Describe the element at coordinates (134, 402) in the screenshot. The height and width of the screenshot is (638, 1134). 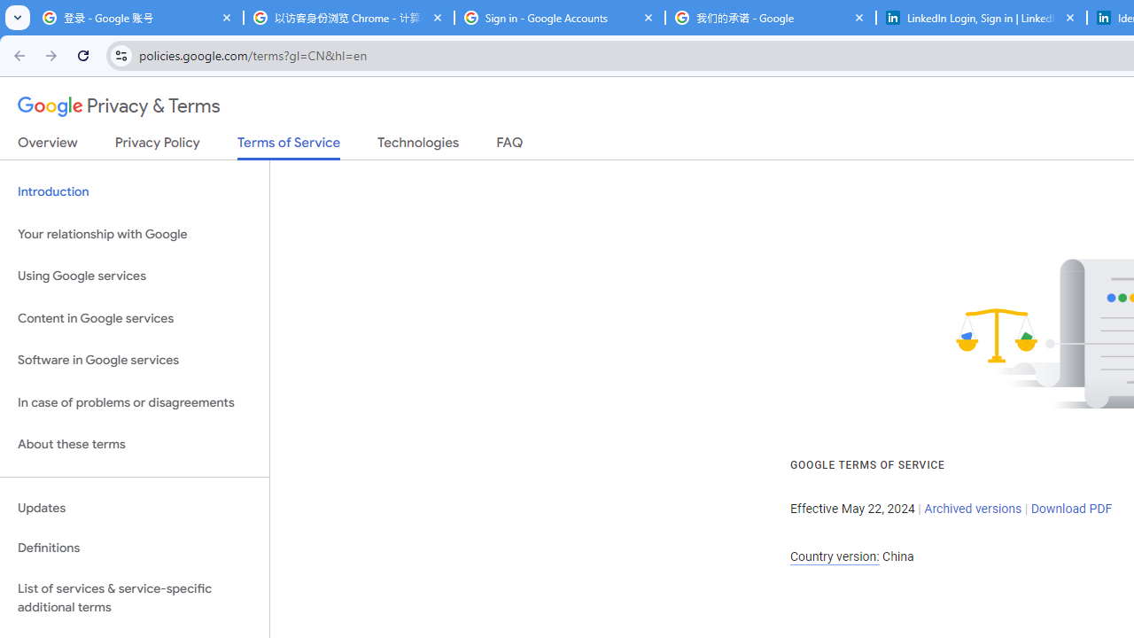
I see `'In case of problems or disagreements'` at that location.